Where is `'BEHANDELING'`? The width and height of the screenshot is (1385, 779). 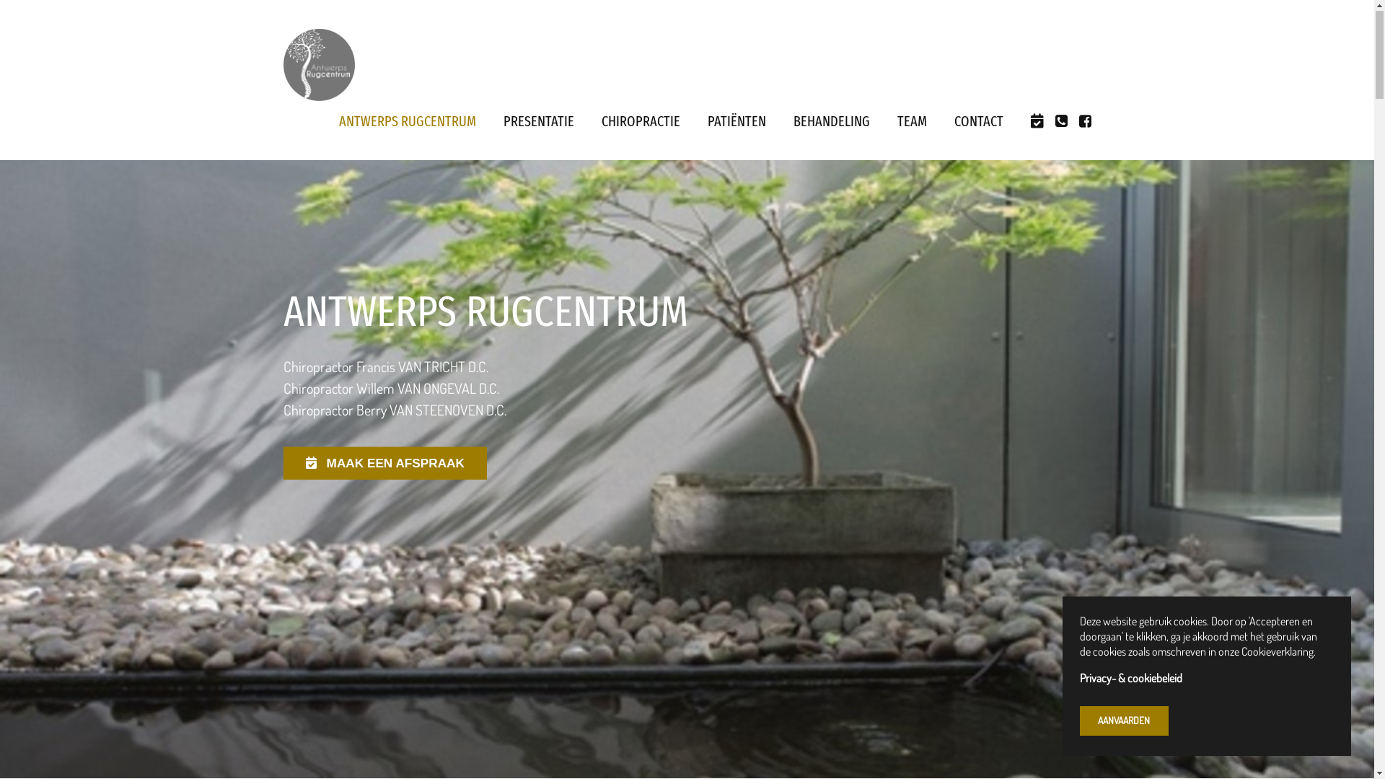
'BEHANDELING' is located at coordinates (831, 121).